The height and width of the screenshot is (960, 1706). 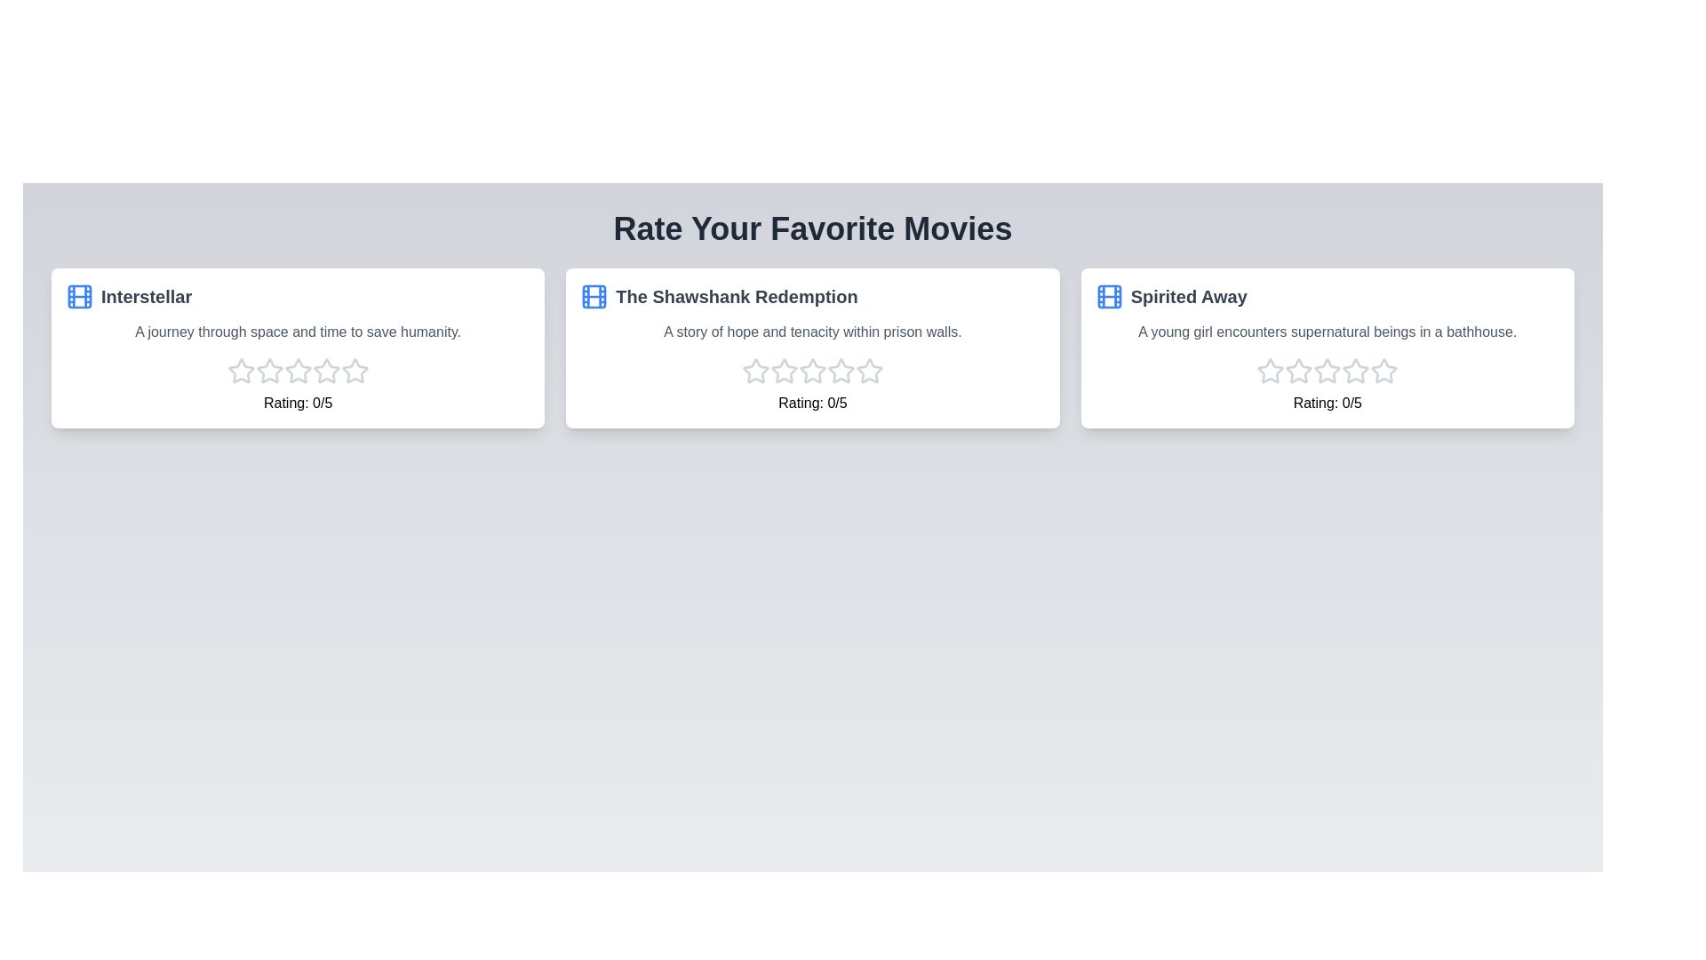 I want to click on the star corresponding to the 1 rating for the movie Spirited Away, so click(x=1270, y=370).